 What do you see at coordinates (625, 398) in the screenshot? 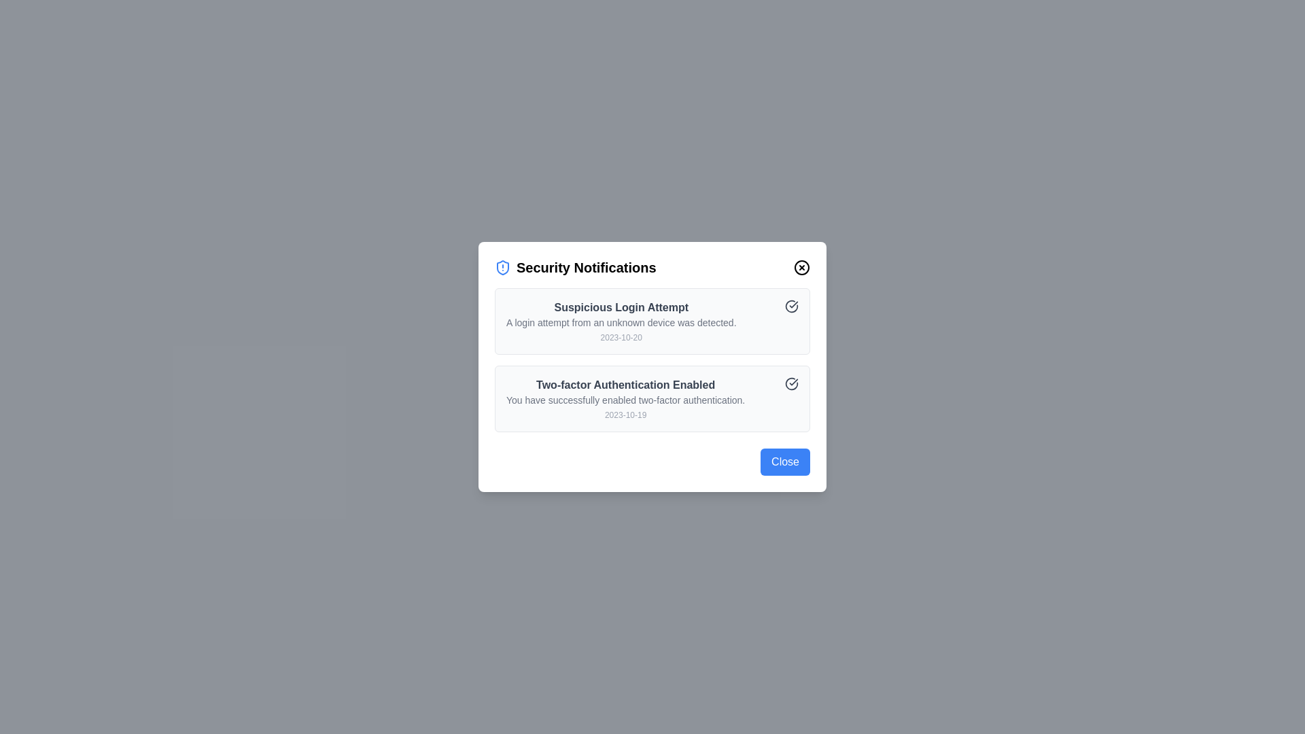
I see `the static textual display indicating 'Two-factor Authentication Enabled' within the 'Security Notifications' modal, which includes a heading, subtext, and date` at bounding box center [625, 398].